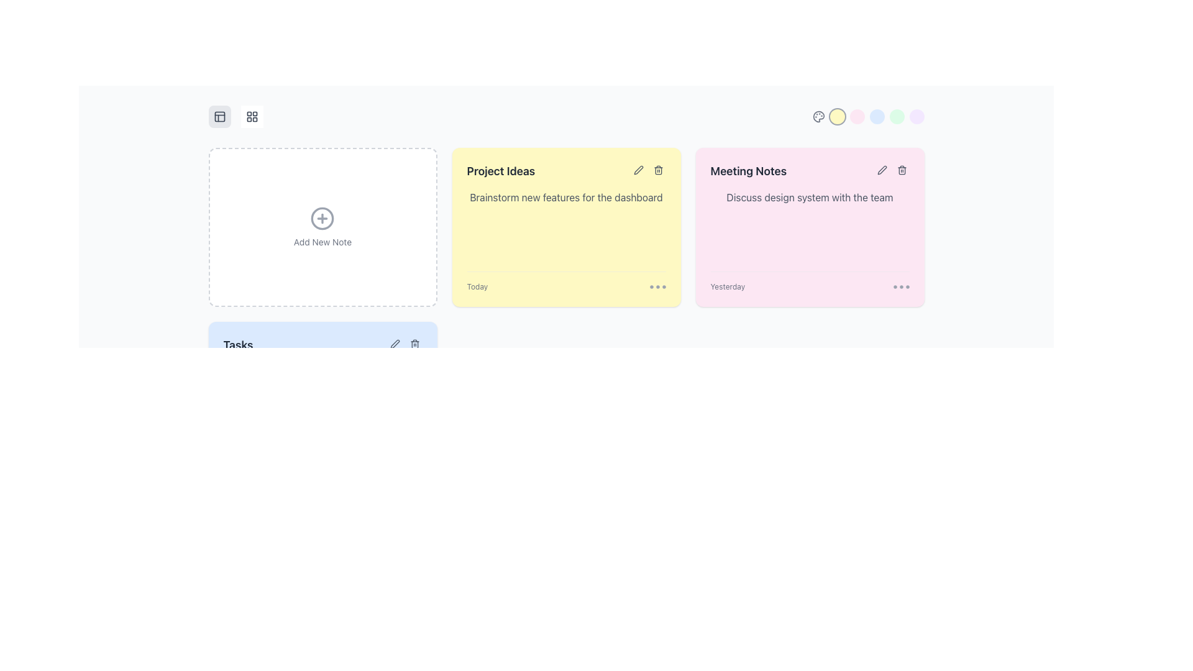 This screenshot has width=1193, height=671. Describe the element at coordinates (565, 281) in the screenshot. I see `the three dots in the bottom-right section of the 'Project Ideas' card` at that location.